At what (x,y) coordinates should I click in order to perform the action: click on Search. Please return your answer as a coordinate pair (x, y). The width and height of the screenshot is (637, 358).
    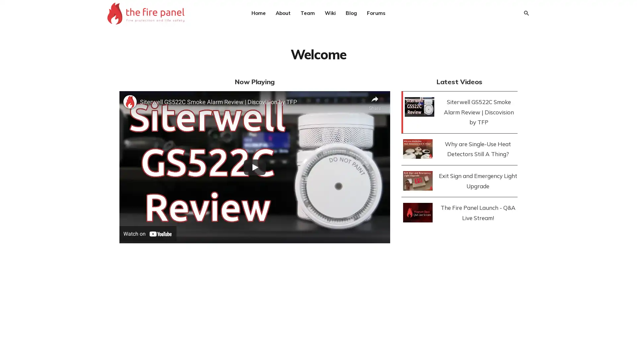
    Looking at the image, I should click on (526, 13).